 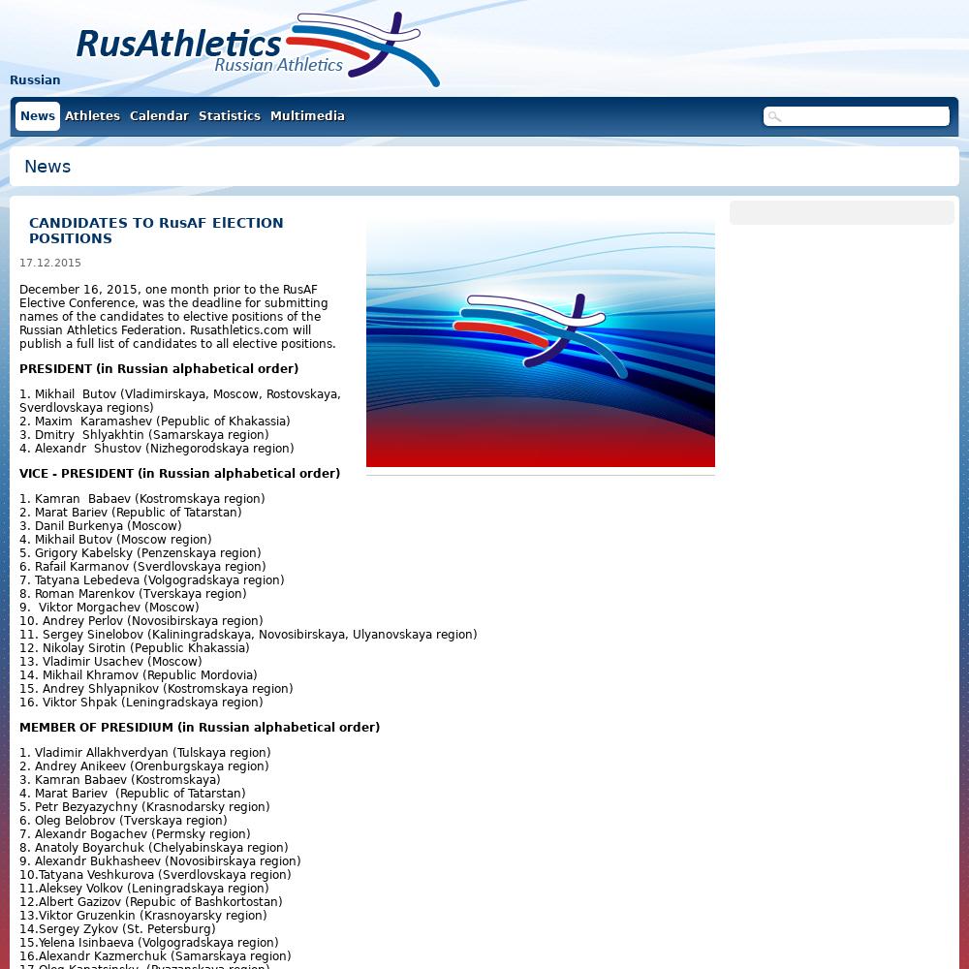 What do you see at coordinates (149, 942) in the screenshot?
I see `'15.Yelena Isinbaeva (Volgogradskaya region)'` at bounding box center [149, 942].